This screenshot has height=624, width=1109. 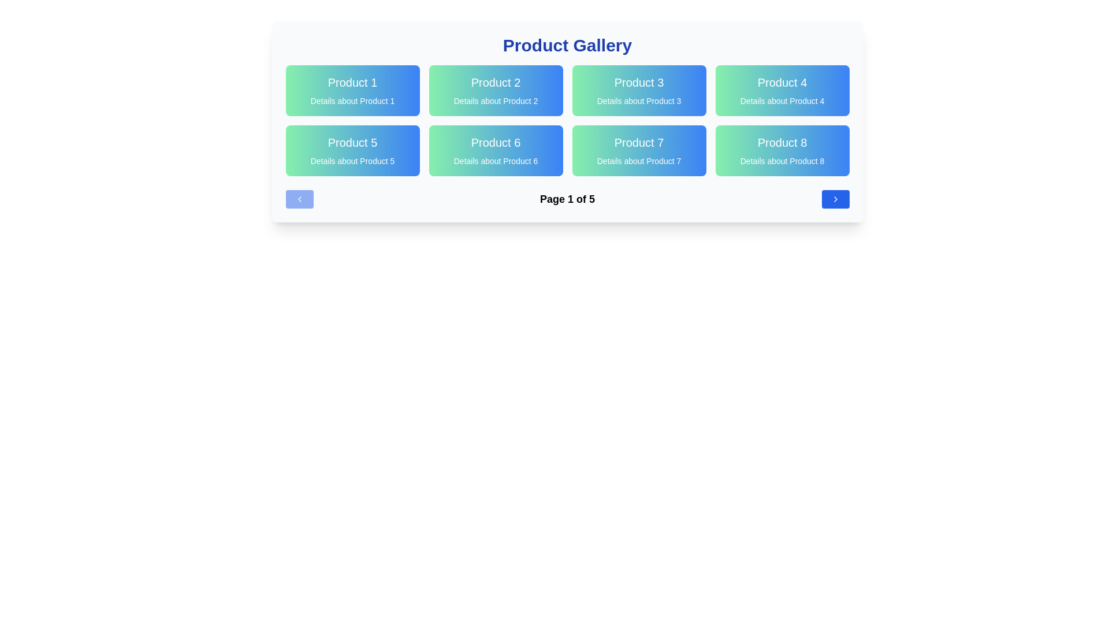 I want to click on the Label element titled 'Product 4' located in the top-right card of the product gallery interface, so click(x=782, y=81).